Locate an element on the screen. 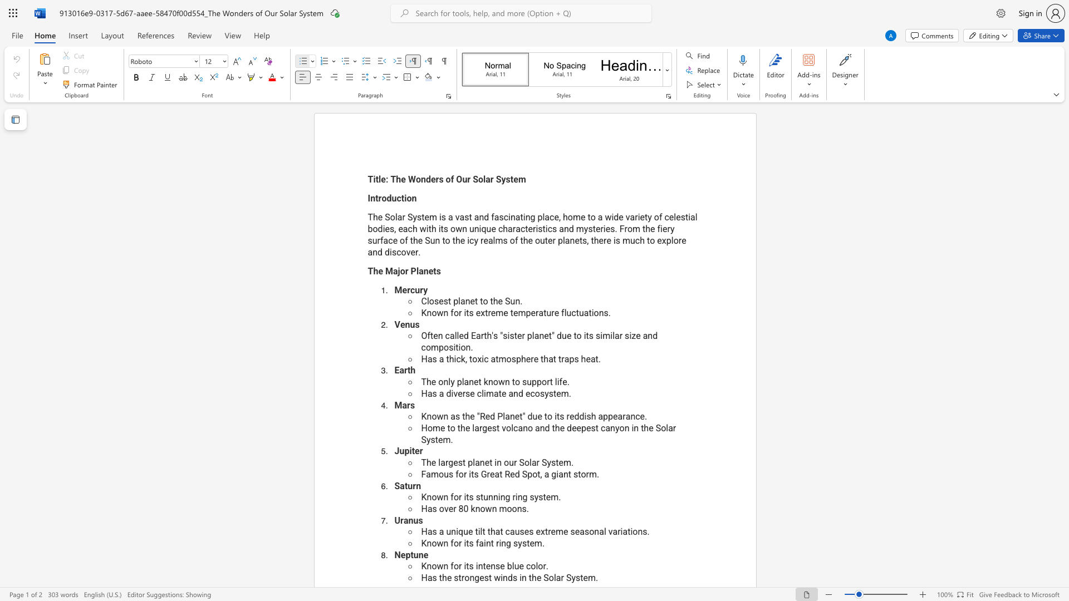 The width and height of the screenshot is (1069, 601). the space between the continuous character "o" and "n" in the text is located at coordinates (469, 577).